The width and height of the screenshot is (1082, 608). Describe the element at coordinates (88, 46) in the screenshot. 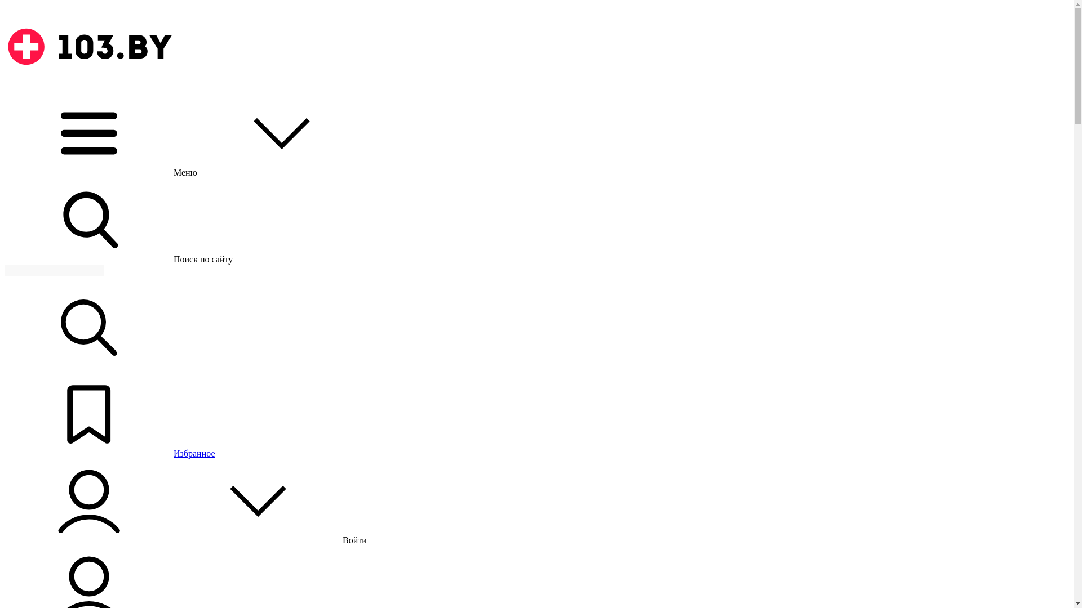

I see `'logo'` at that location.